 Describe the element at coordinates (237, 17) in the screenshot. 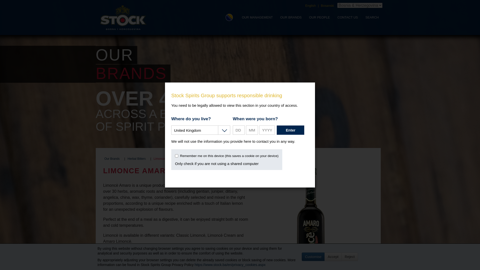

I see `'OUR MANAGEMENT'` at that location.